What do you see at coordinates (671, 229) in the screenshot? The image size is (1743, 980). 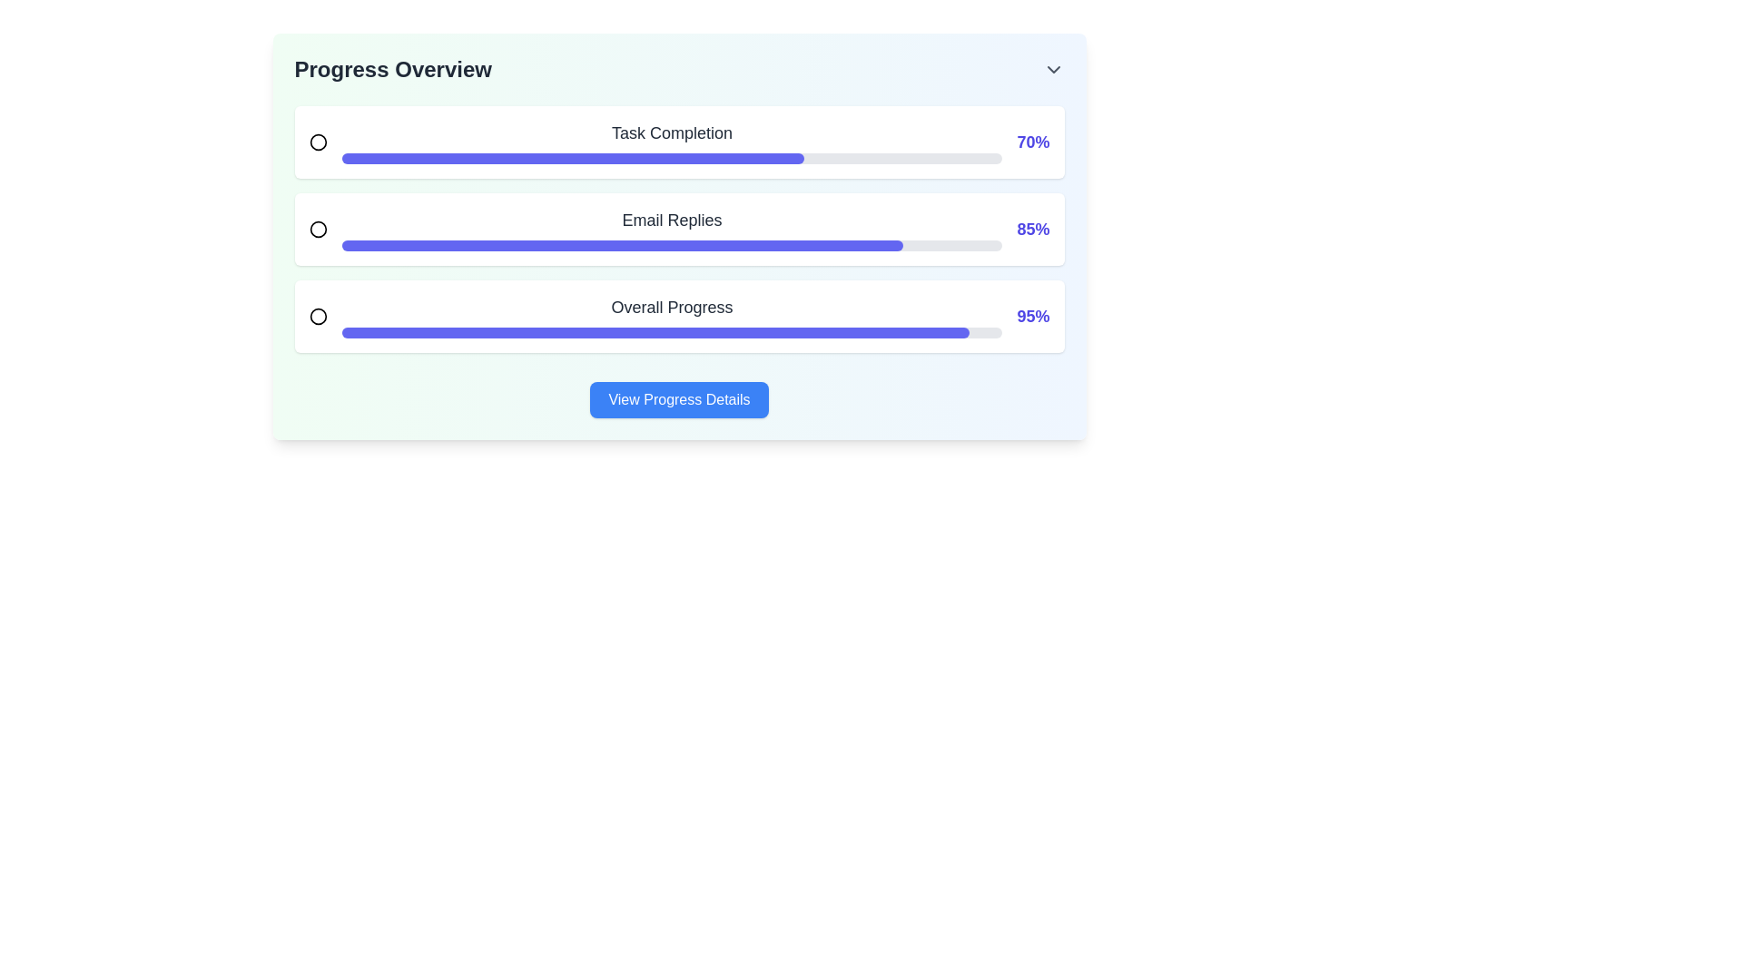 I see `the progress bar labeled for email replies, located in the center of the second progress bar row, to access further context about the progress` at bounding box center [671, 229].